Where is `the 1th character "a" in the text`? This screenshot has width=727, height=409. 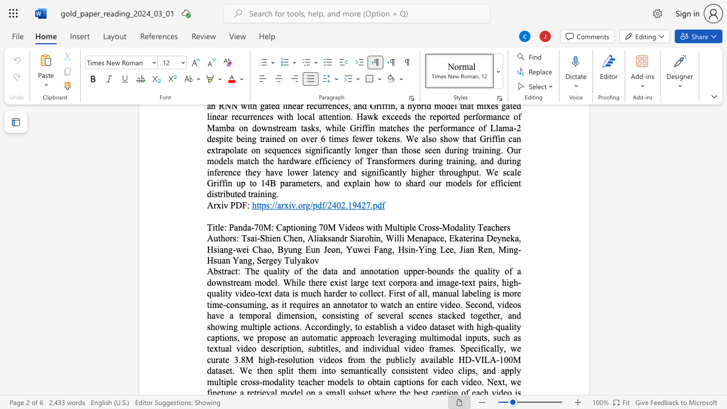
the 1th character "a" in the text is located at coordinates (228, 271).